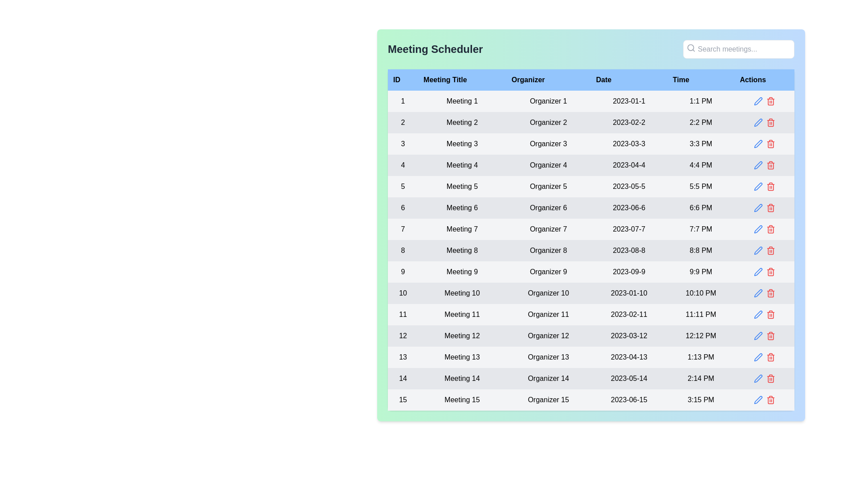 The image size is (855, 480). I want to click on the Text Display element that shows the scheduled time of 'Meeting 5', so click(700, 186).